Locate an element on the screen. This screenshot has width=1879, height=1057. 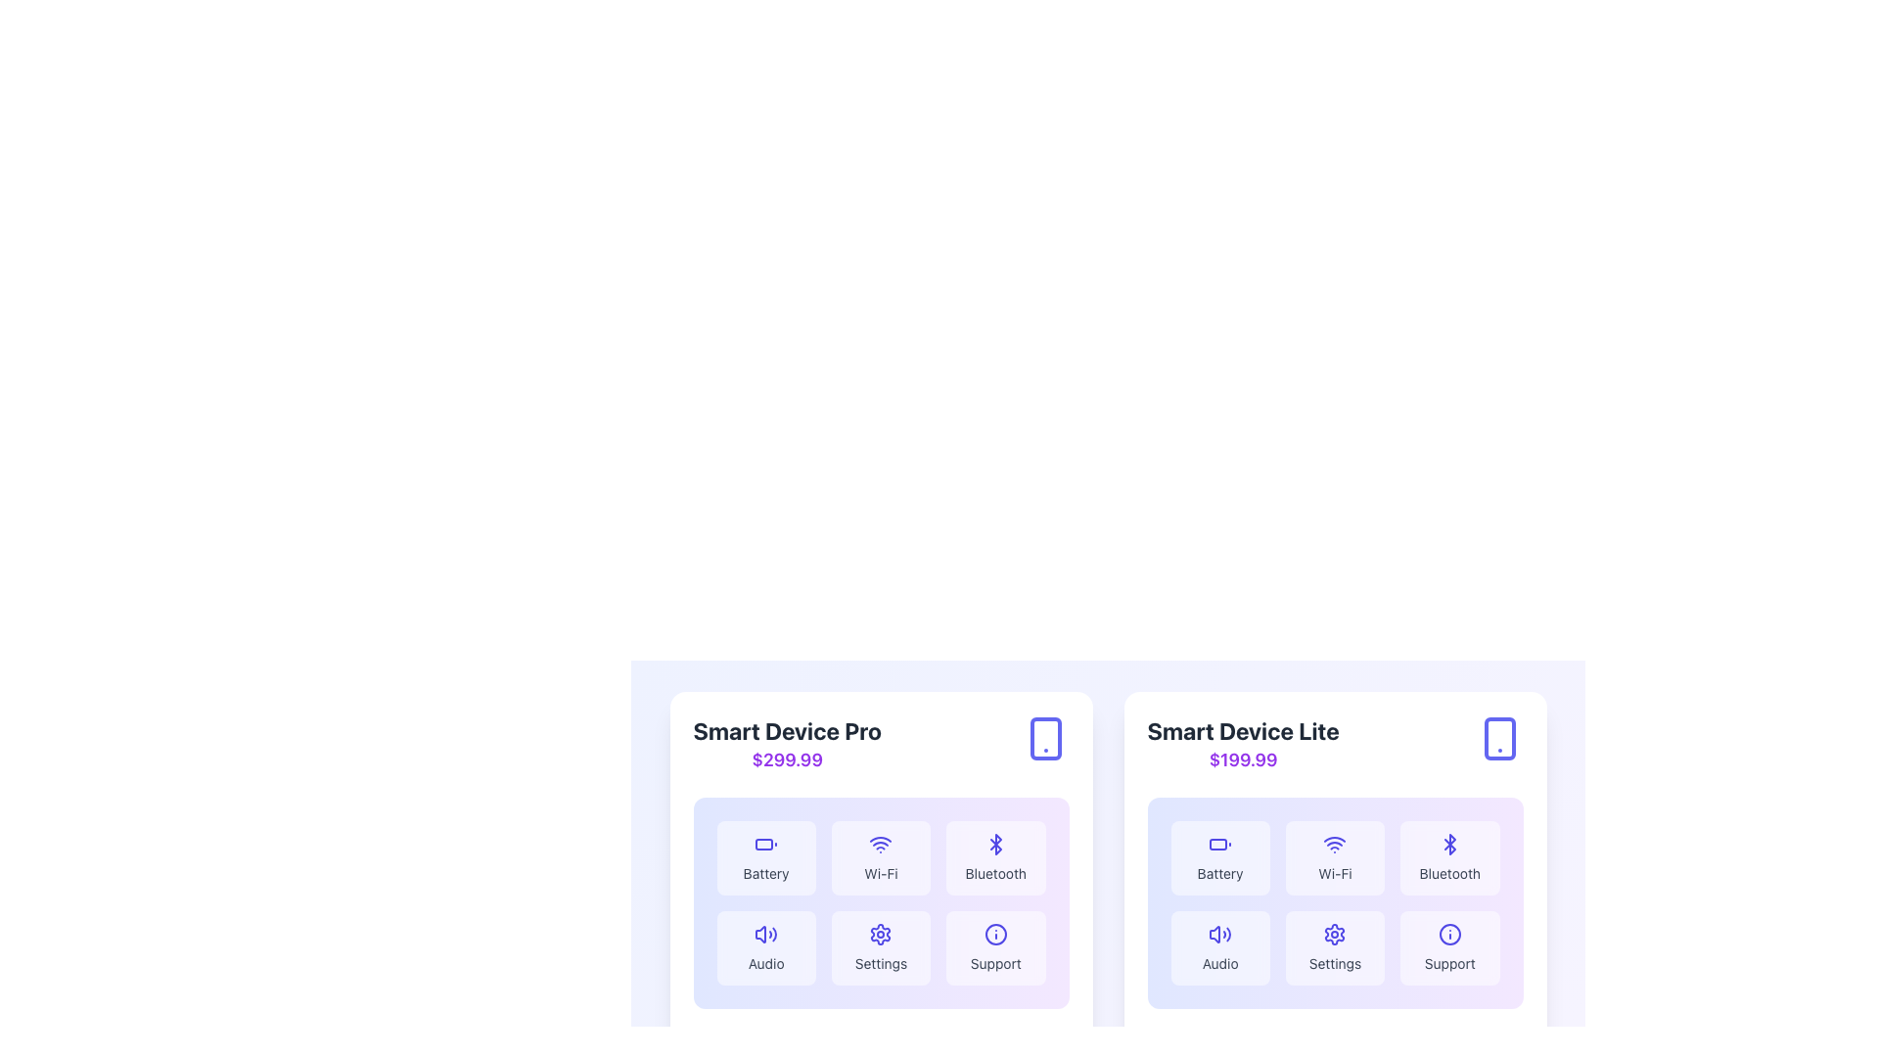
the SVG circle graphic located at the upper right side of the 'Smart Device Pro' card is located at coordinates (995, 934).